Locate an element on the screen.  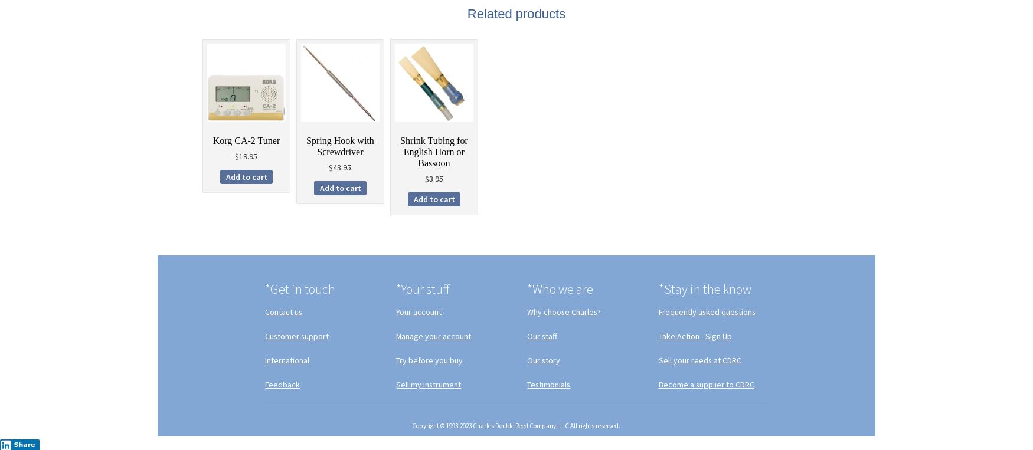
'Our staff' is located at coordinates (541, 334).